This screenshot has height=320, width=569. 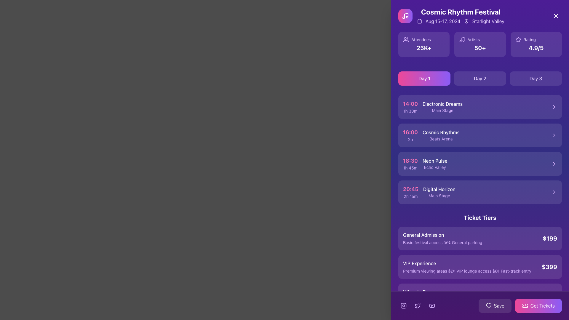 I want to click on the text element displaying 'Starlight Valley', which indicates the venue of the event under the title 'Cosmic Rhythm Festival', so click(x=488, y=21).